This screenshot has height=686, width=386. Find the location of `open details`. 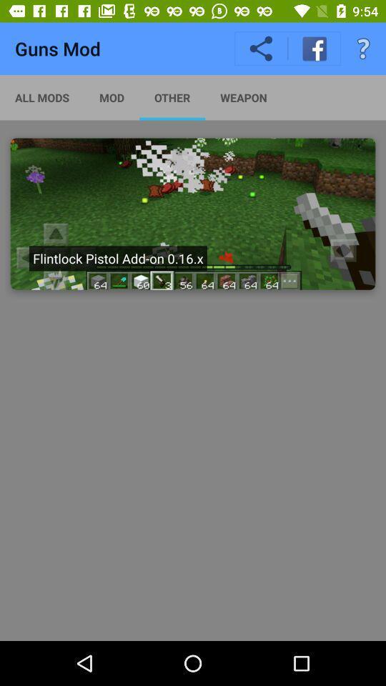

open details is located at coordinates (193, 213).